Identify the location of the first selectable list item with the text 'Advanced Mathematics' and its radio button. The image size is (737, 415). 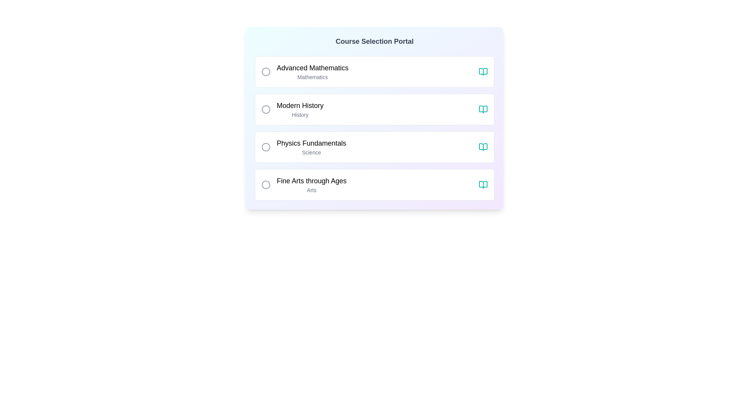
(304, 71).